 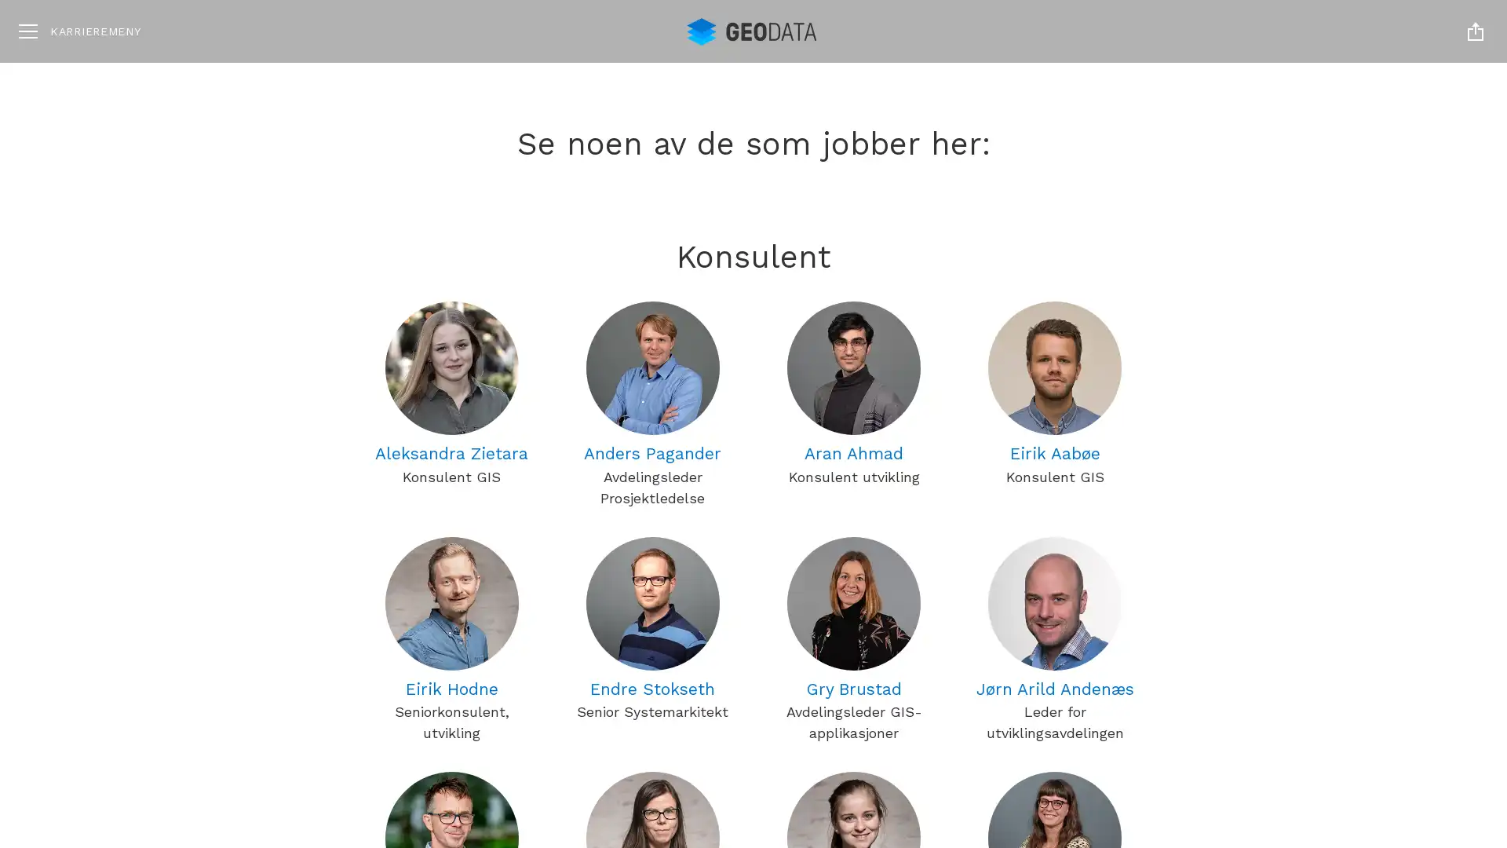 What do you see at coordinates (1327, 718) in the screenshot?
I see `Deaktivere alle` at bounding box center [1327, 718].